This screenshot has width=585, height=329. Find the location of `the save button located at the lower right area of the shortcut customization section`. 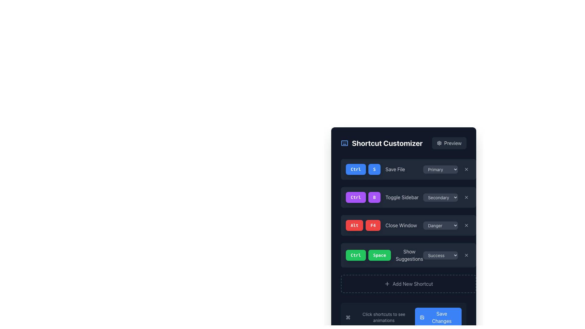

the save button located at the lower right area of the shortcut customization section is located at coordinates (438, 317).